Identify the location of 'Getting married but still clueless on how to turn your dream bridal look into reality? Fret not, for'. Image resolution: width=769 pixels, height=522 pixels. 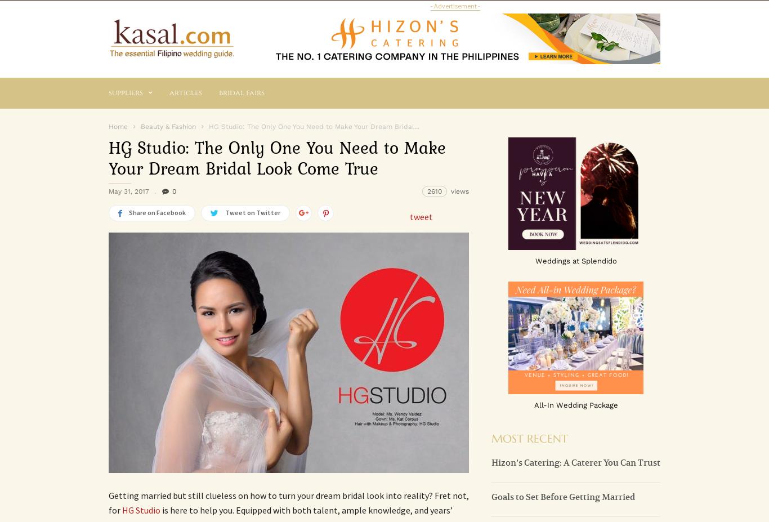
(108, 502).